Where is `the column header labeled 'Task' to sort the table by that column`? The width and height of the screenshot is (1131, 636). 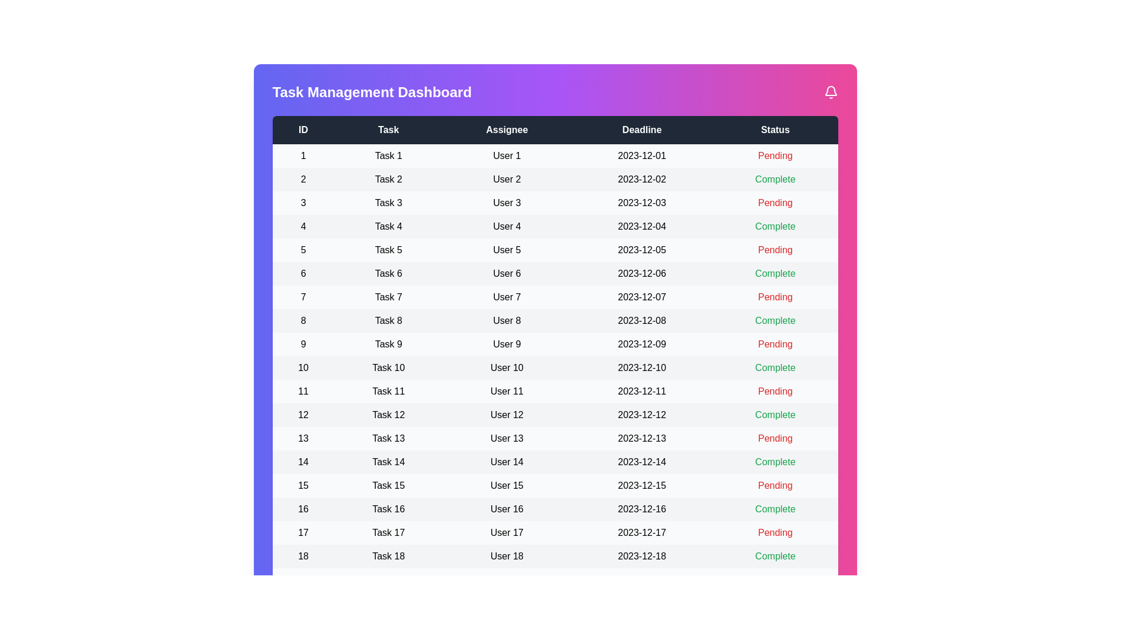
the column header labeled 'Task' to sort the table by that column is located at coordinates (388, 130).